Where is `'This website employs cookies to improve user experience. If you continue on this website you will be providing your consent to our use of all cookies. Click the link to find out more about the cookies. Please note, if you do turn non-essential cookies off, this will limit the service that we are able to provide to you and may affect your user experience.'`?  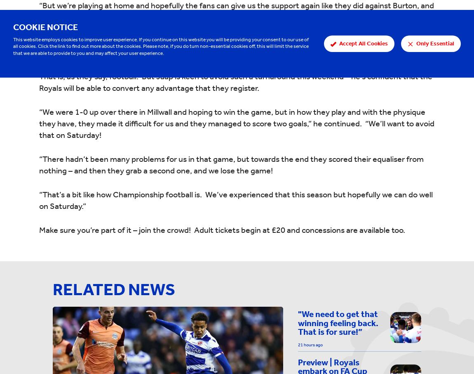
'This website employs cookies to improve user experience. If you continue on this website you will be providing your consent to our use of all cookies. Click the link to find out more about the cookies. Please note, if you do turn non-essential cookies off, this will limit the service that we are able to provide to you and may affect your user experience.' is located at coordinates (161, 45).